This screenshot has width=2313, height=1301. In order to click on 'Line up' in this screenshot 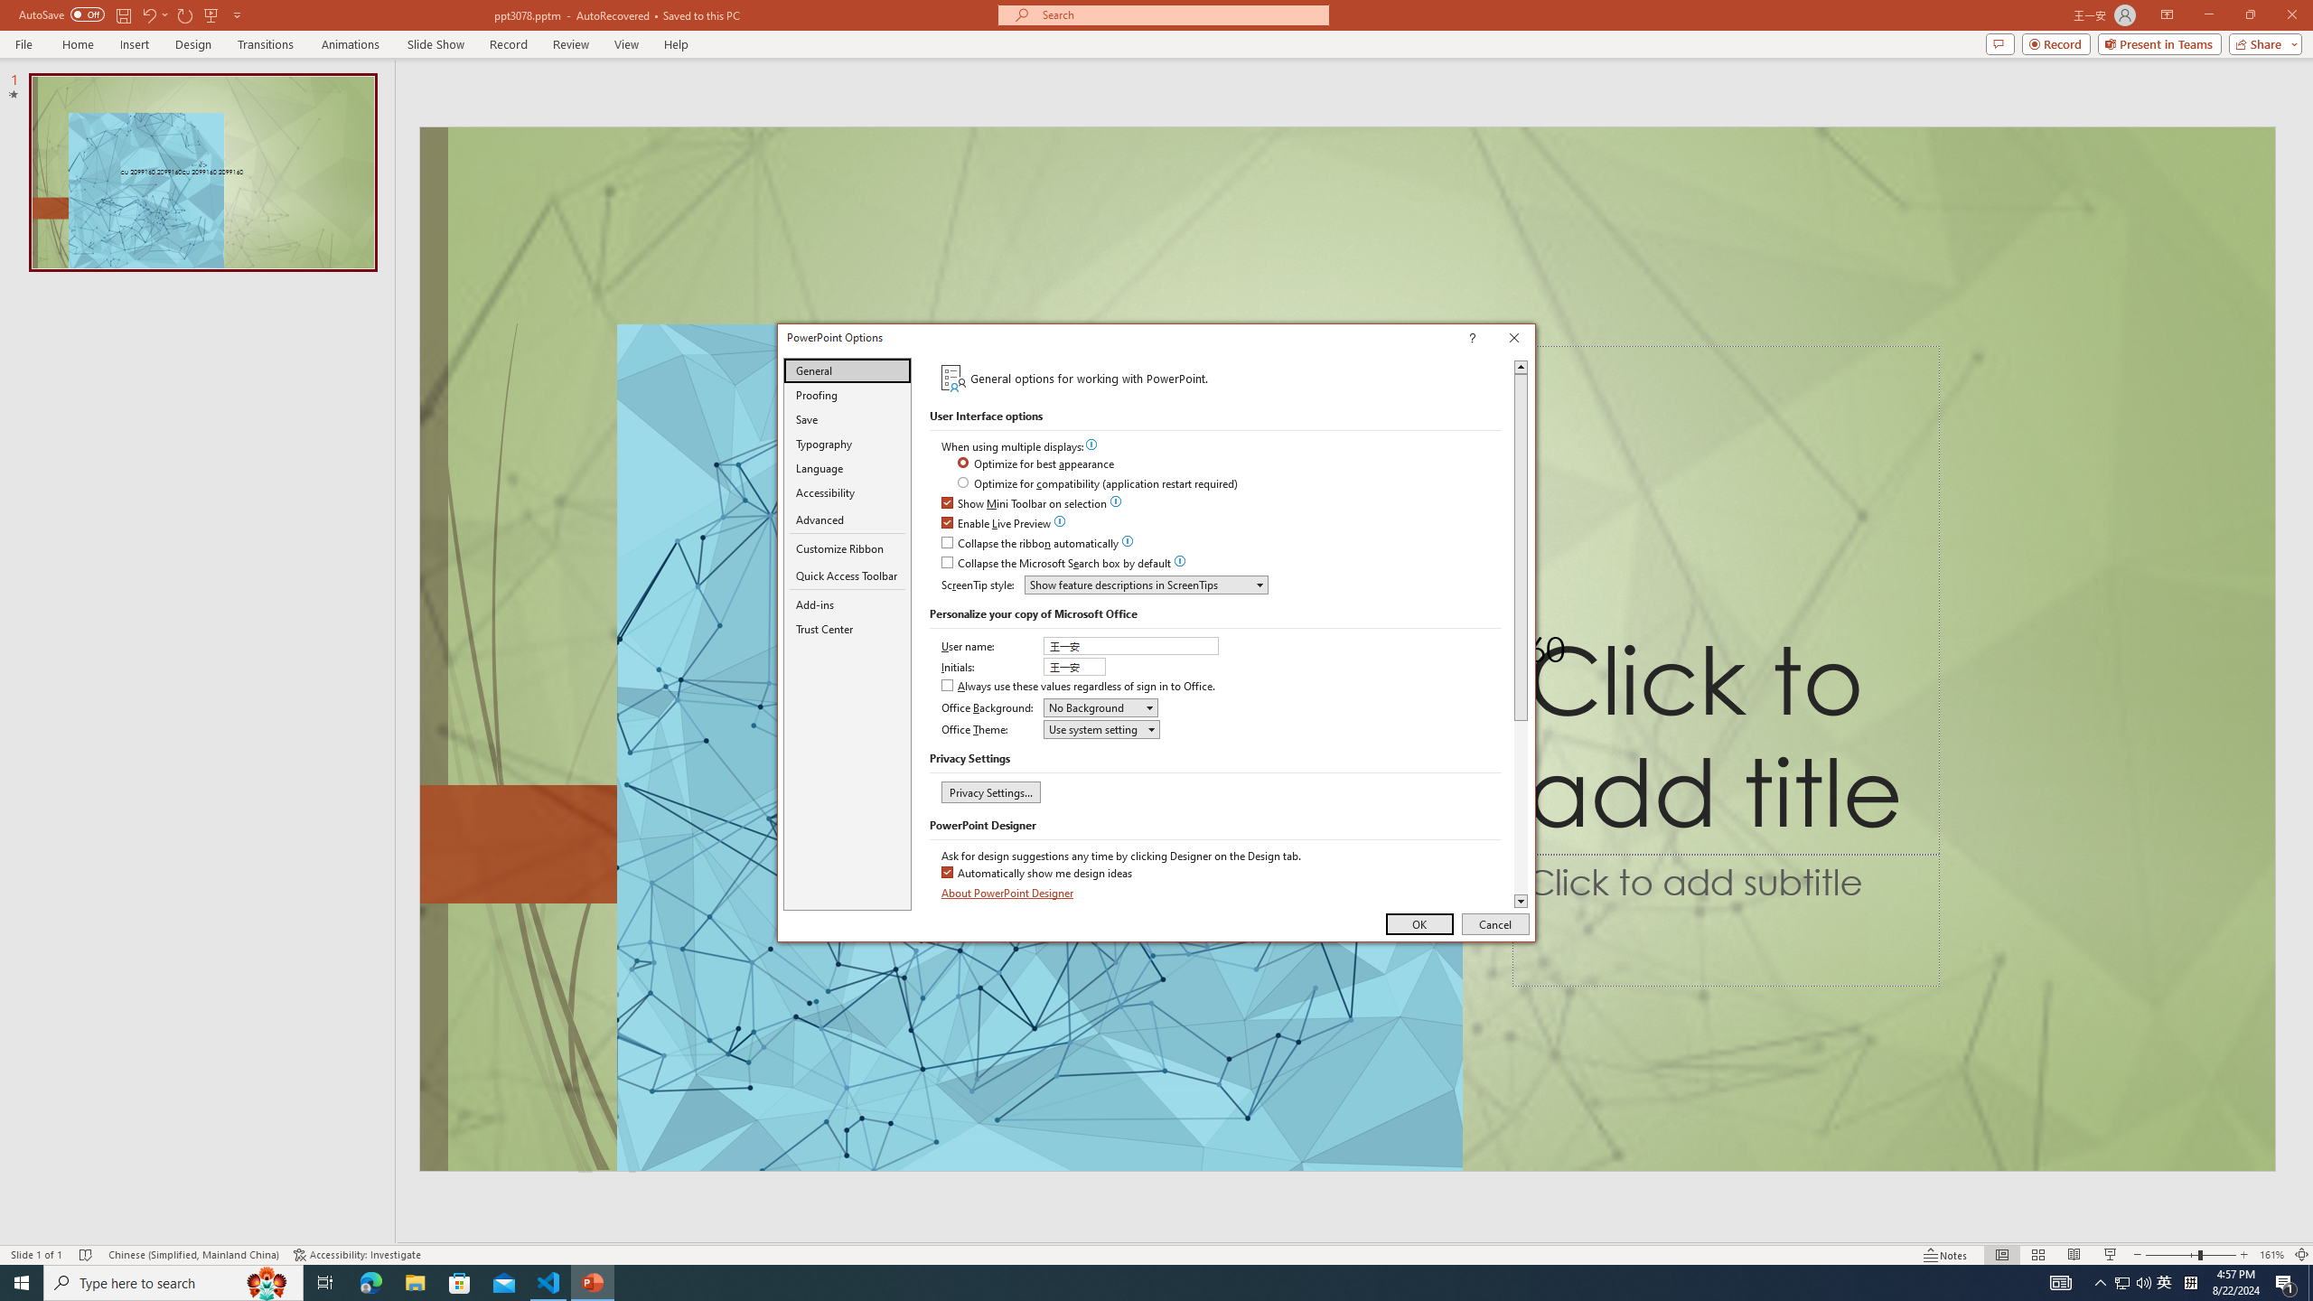, I will do `click(1521, 366)`.